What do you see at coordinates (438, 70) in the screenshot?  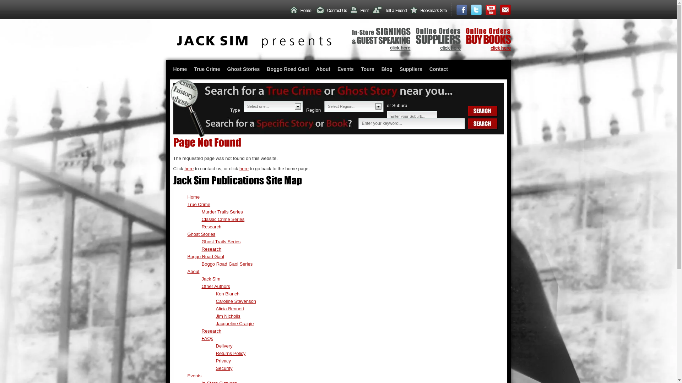 I see `'Contact'` at bounding box center [438, 70].